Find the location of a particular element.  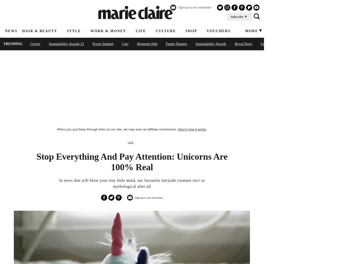

'Covers' is located at coordinates (35, 44).